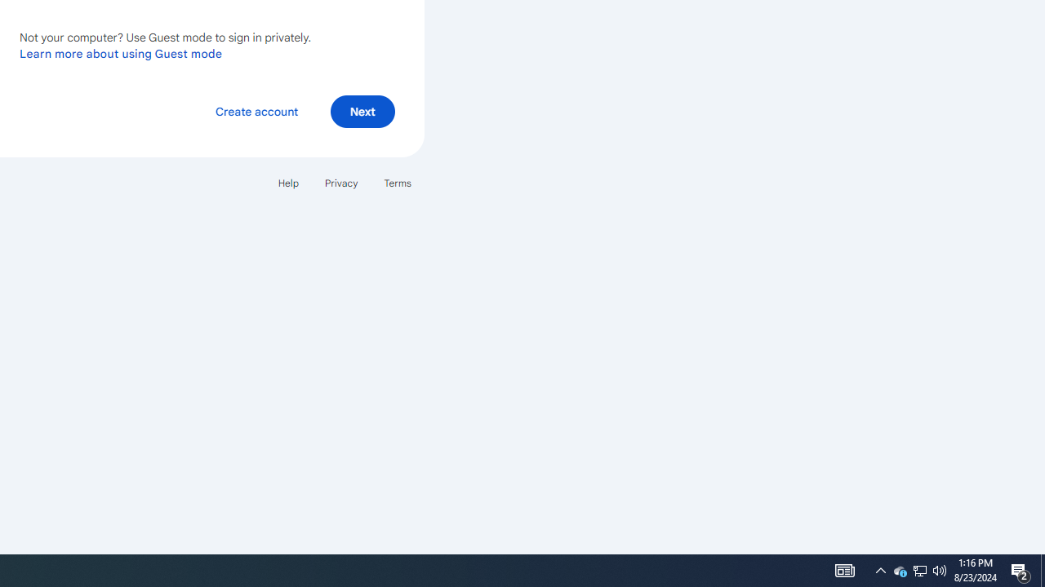 The image size is (1045, 587). Describe the element at coordinates (120, 52) in the screenshot. I see `'Learn more about using Guest mode'` at that location.